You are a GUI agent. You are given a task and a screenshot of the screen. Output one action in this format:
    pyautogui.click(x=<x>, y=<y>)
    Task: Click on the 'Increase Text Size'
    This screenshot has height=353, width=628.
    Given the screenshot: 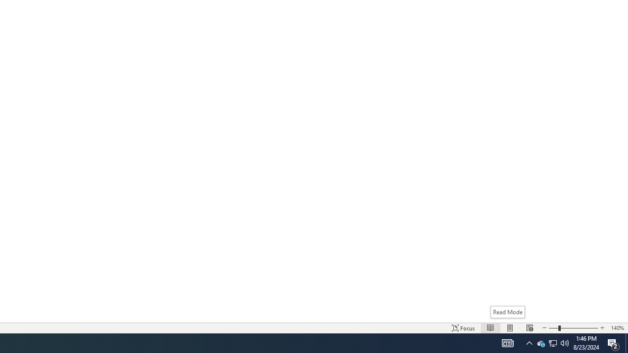 What is the action you would take?
    pyautogui.click(x=602, y=328)
    